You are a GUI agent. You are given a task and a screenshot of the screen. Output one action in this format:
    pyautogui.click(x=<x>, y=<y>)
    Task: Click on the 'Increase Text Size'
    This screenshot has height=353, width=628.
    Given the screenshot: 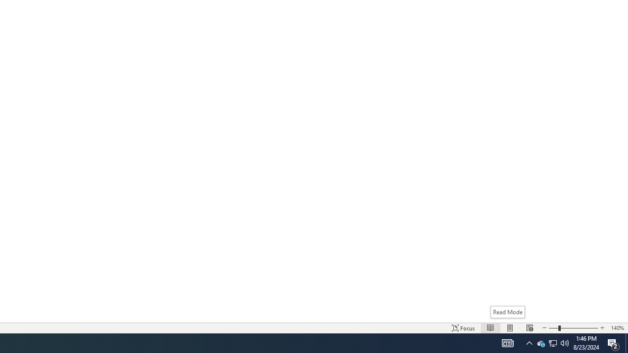 What is the action you would take?
    pyautogui.click(x=602, y=328)
    